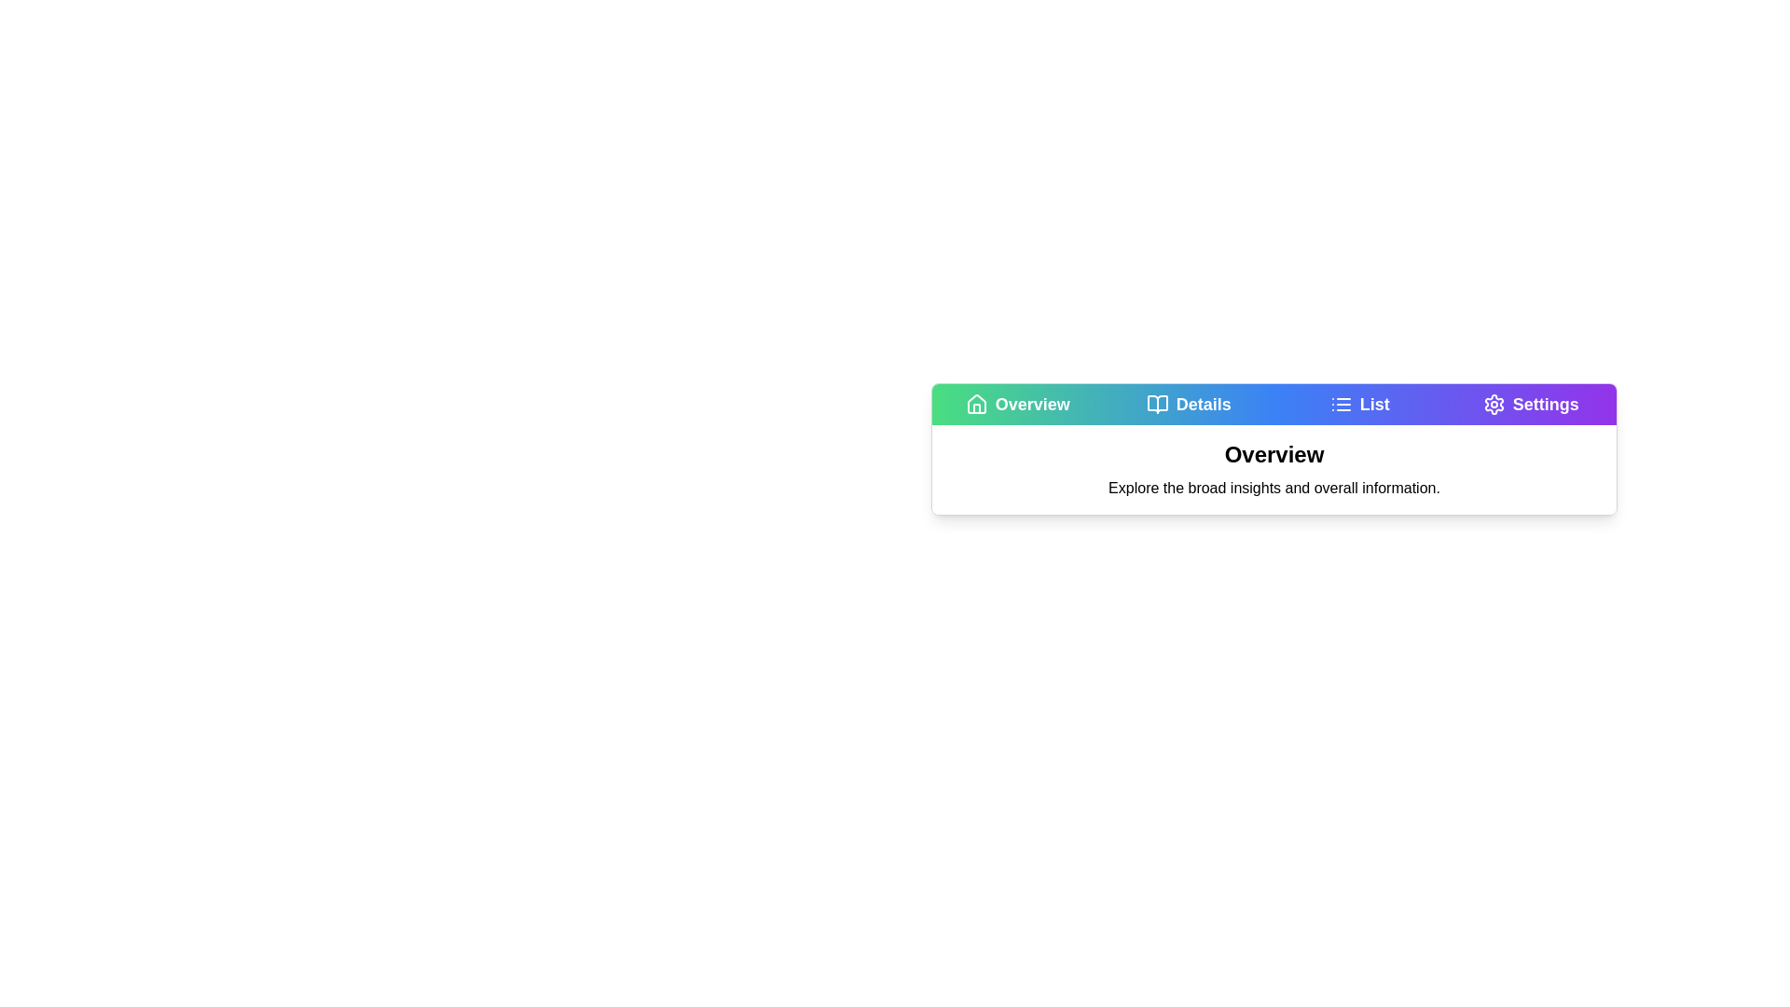 The width and height of the screenshot is (1790, 1007). I want to click on the first button in the horizontal navigation bar at the top-left of the interface, so click(1016, 404).